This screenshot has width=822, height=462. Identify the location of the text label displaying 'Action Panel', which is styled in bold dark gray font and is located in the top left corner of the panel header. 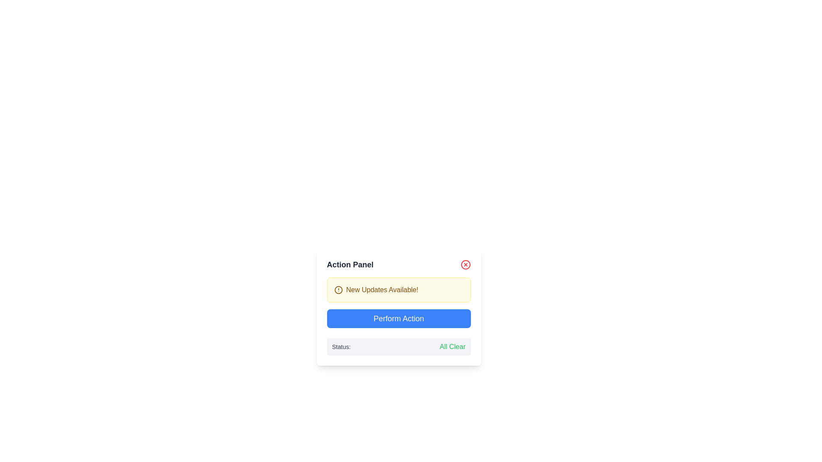
(350, 264).